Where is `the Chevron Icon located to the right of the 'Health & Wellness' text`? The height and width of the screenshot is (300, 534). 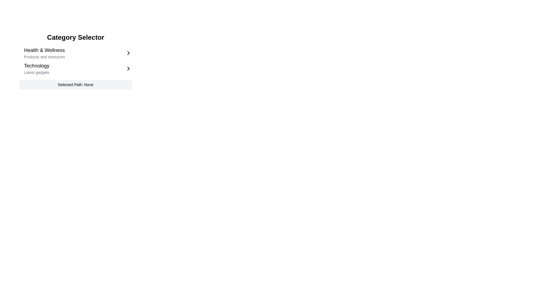 the Chevron Icon located to the right of the 'Health & Wellness' text is located at coordinates (128, 53).